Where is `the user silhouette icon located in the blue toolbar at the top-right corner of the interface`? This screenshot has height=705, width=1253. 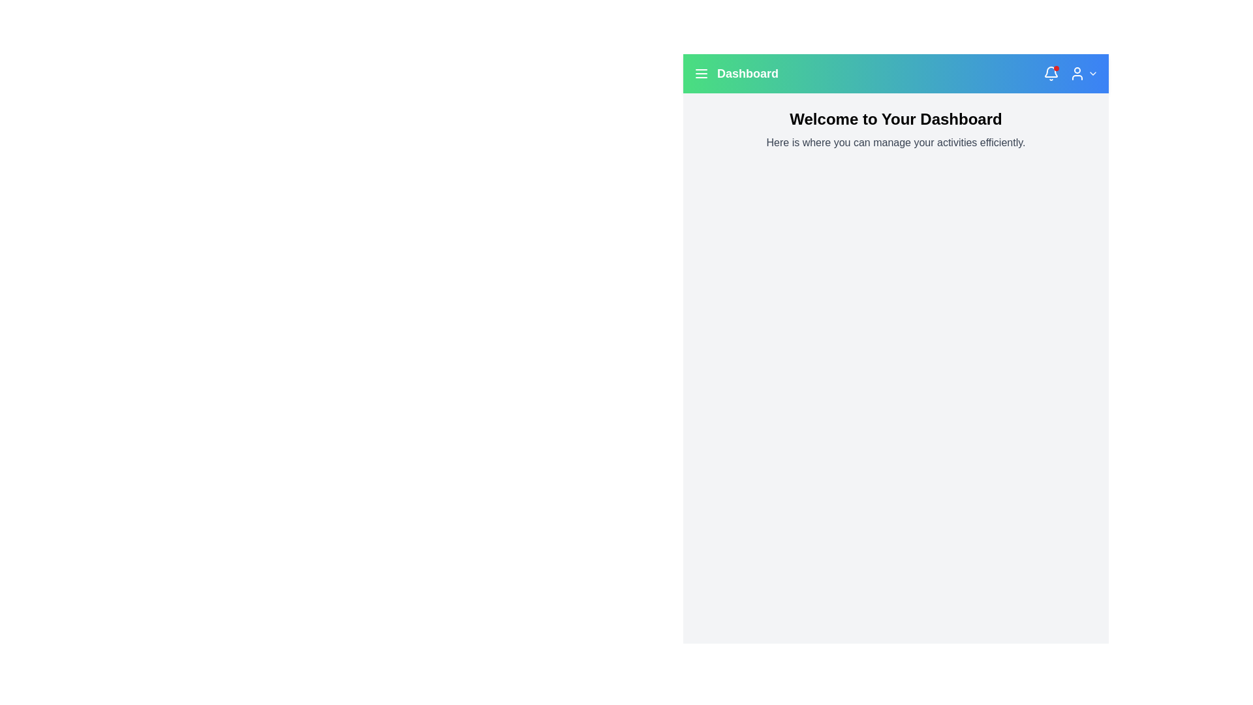 the user silhouette icon located in the blue toolbar at the top-right corner of the interface is located at coordinates (1077, 73).